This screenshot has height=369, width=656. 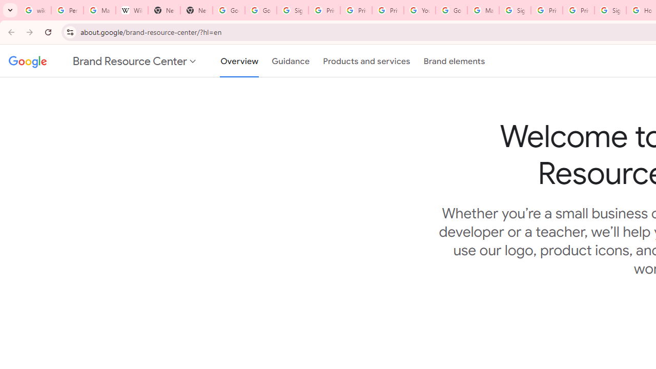 I want to click on 'New Tab', so click(x=164, y=10).